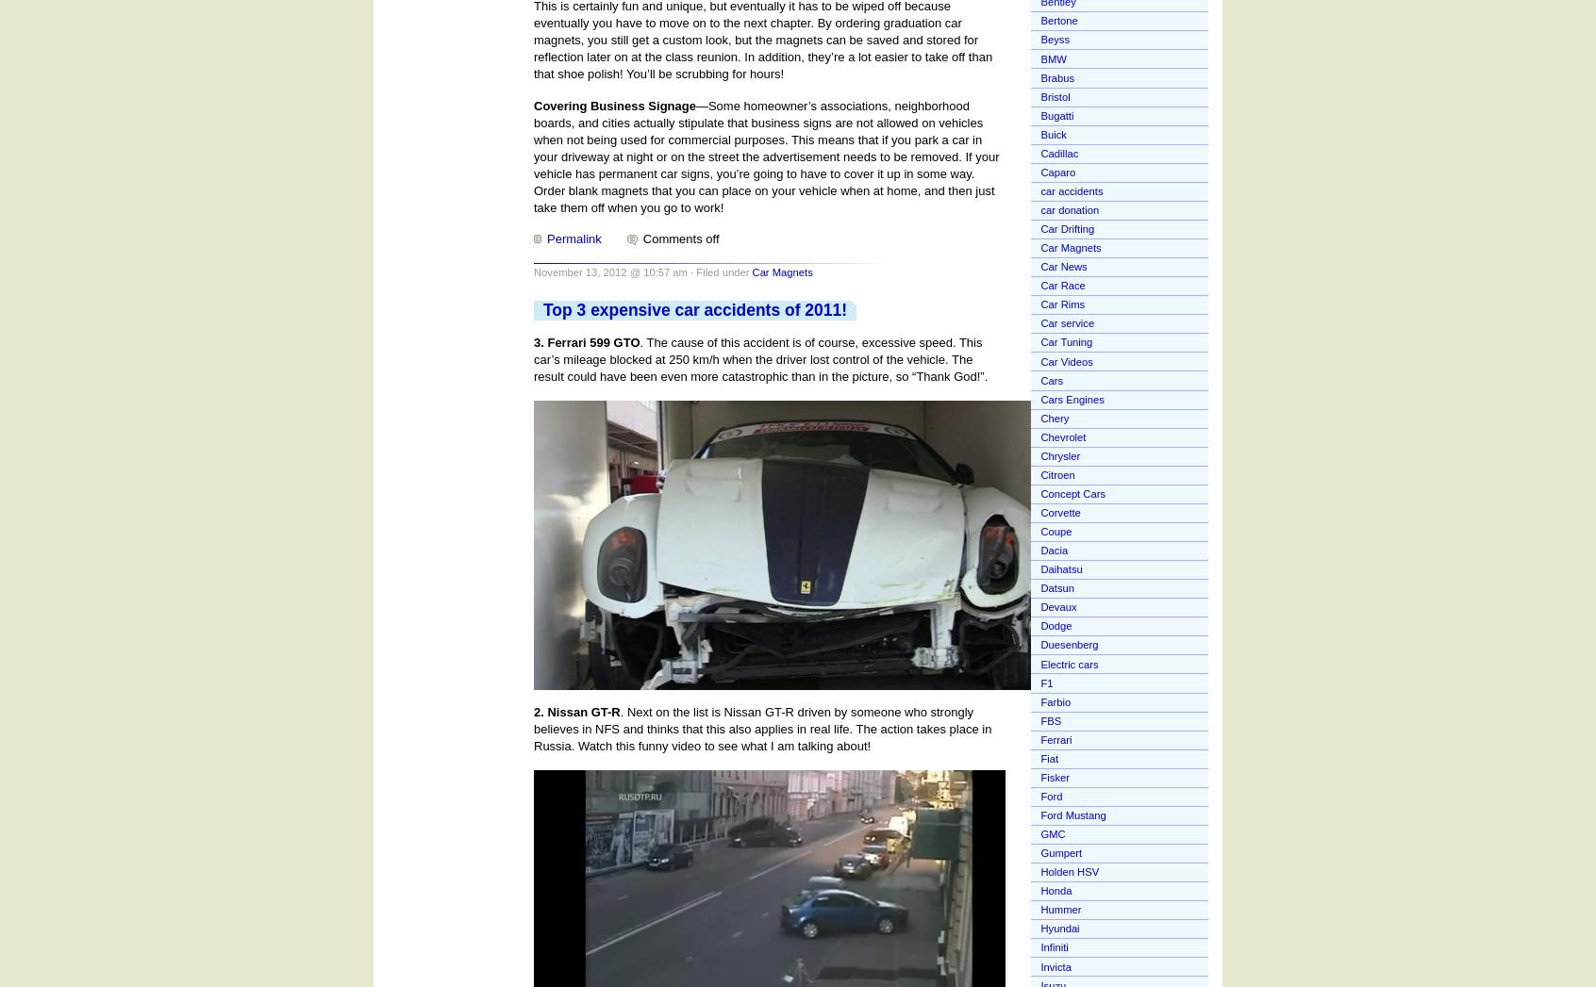 This screenshot has height=987, width=1596. I want to click on 'Gumpert', so click(1040, 853).